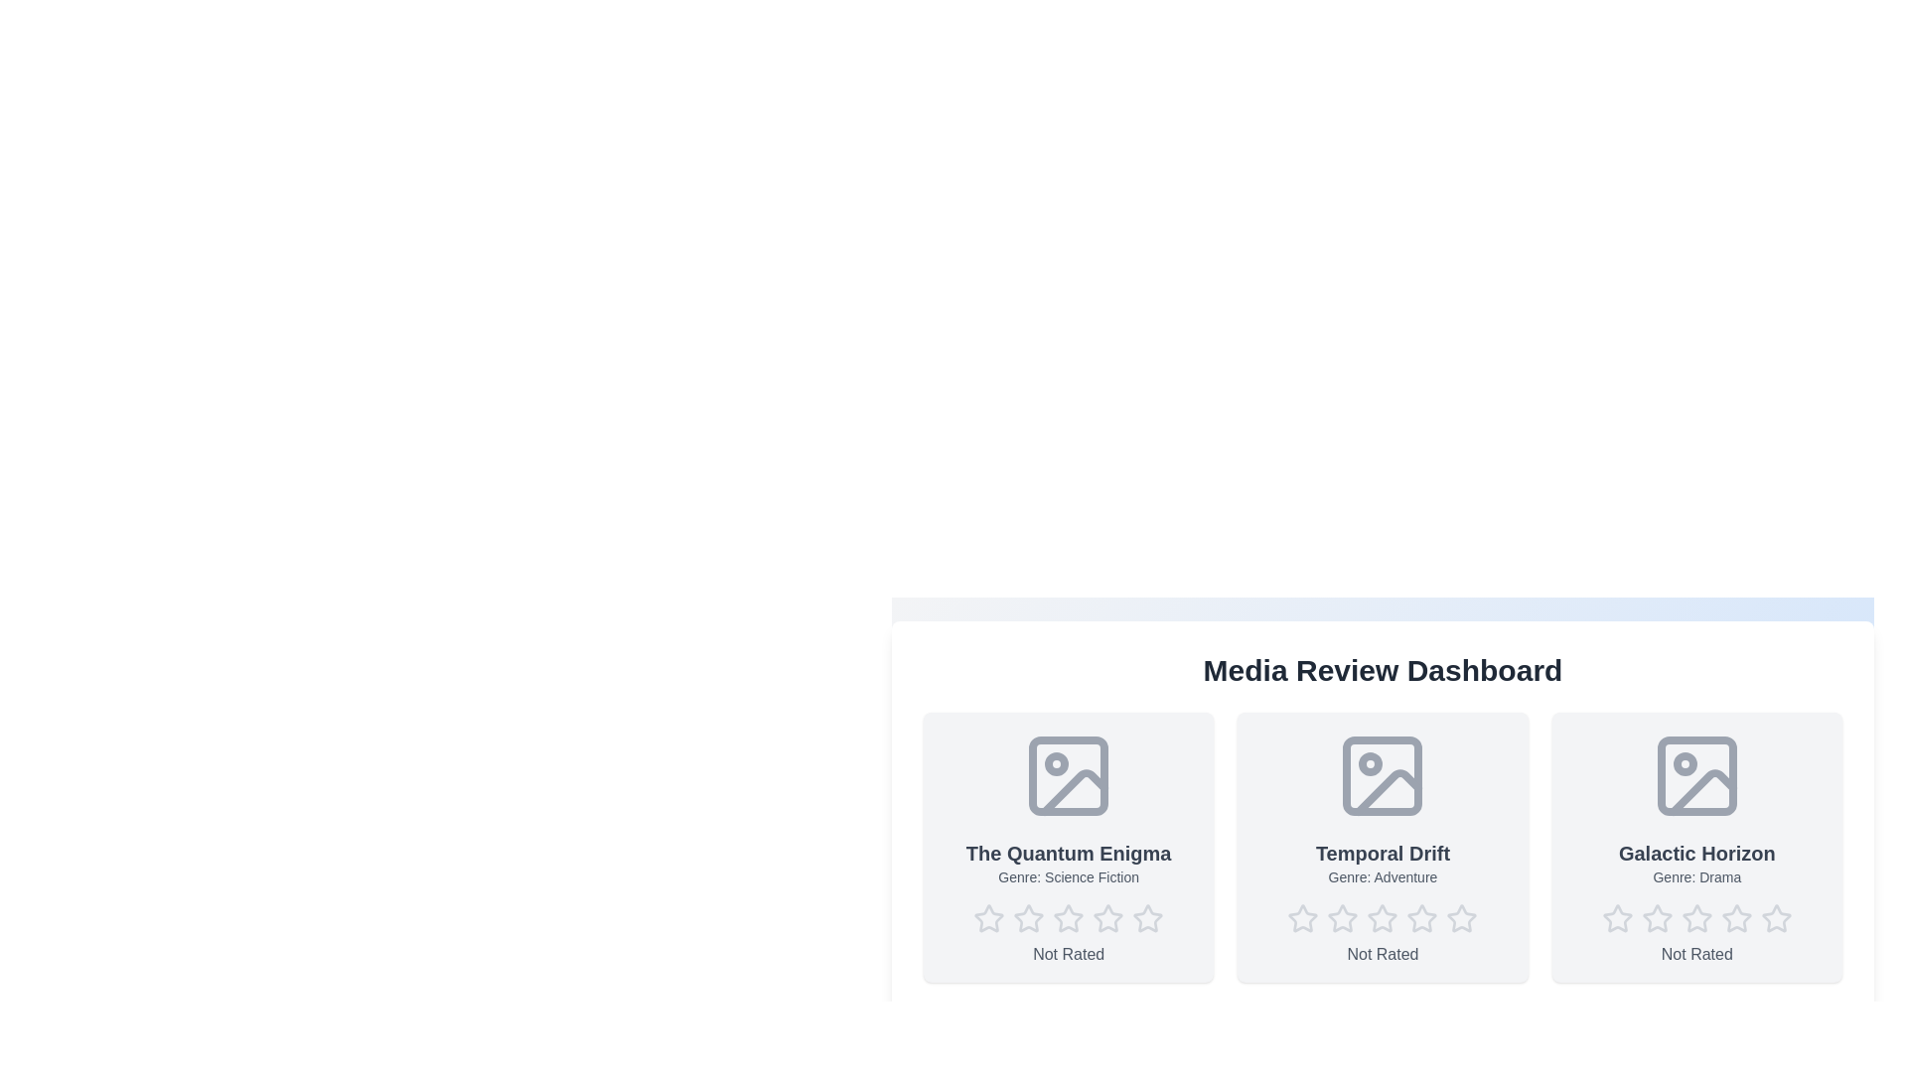 The image size is (1907, 1072). What do you see at coordinates (1029, 918) in the screenshot?
I see `the star corresponding to the desired rating 2 for the media item The Quantum Enigma` at bounding box center [1029, 918].